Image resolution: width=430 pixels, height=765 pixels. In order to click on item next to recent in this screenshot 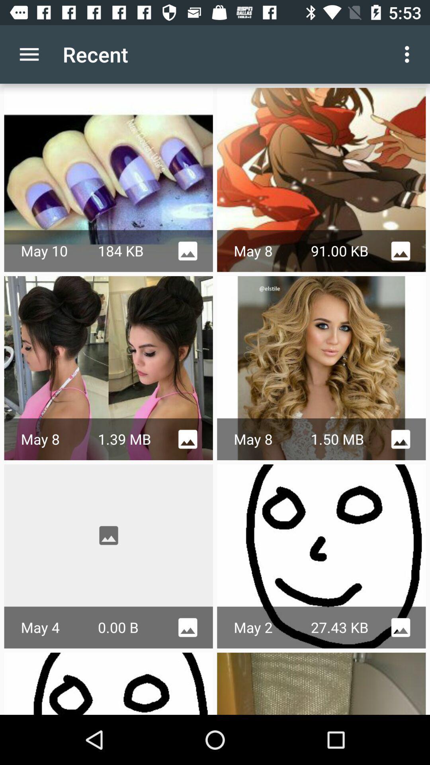, I will do `click(29, 54)`.